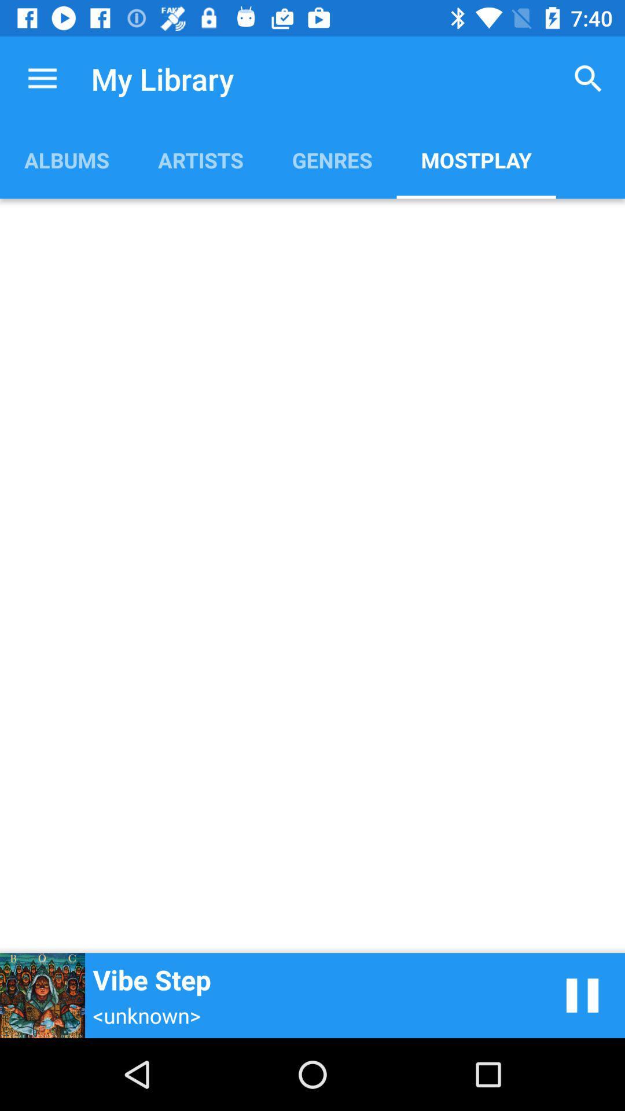 The width and height of the screenshot is (625, 1111). I want to click on the albums item, so click(67, 159).